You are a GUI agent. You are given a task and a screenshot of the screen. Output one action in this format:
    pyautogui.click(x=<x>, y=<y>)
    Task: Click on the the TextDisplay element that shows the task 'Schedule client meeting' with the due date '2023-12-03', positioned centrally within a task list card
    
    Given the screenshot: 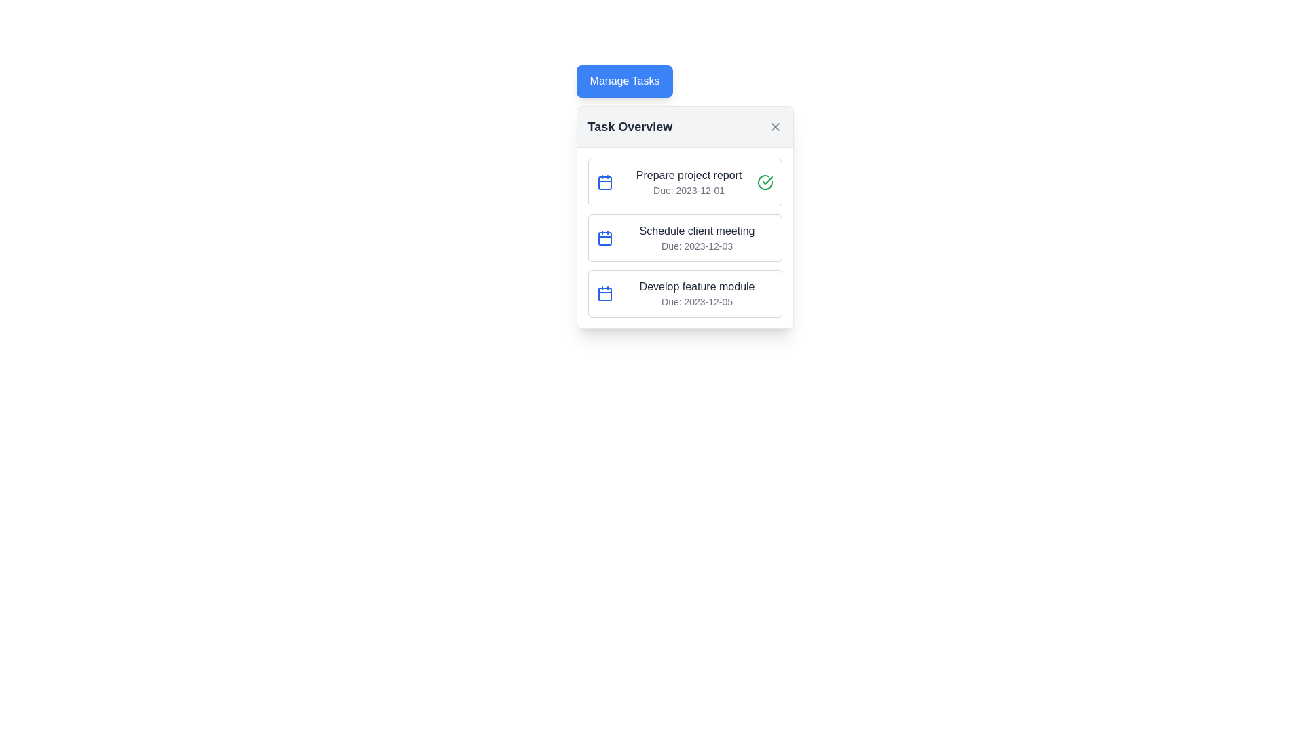 What is the action you would take?
    pyautogui.click(x=697, y=238)
    